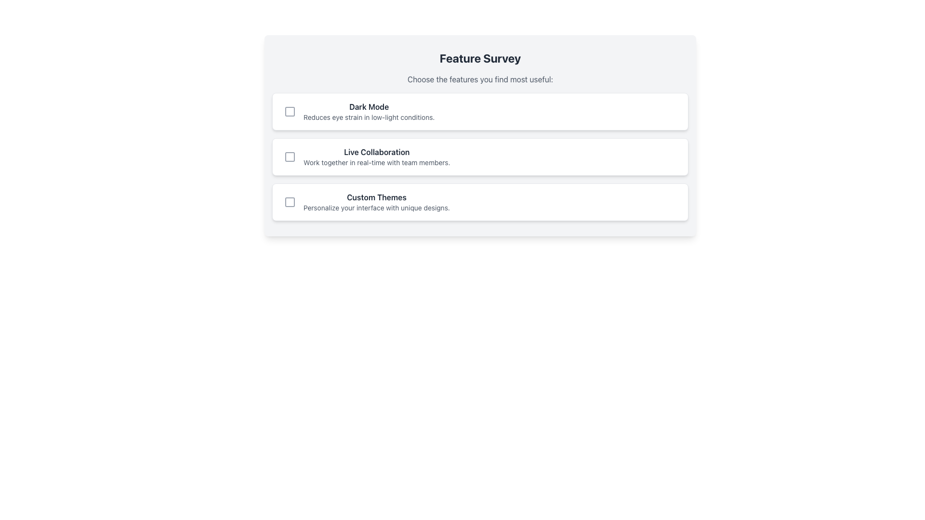  Describe the element at coordinates (369, 117) in the screenshot. I see `the text label that reads 'Reduces eye strain in low-light conditions.', which is positioned beneath the 'Dark Mode' text and checkbox` at that location.